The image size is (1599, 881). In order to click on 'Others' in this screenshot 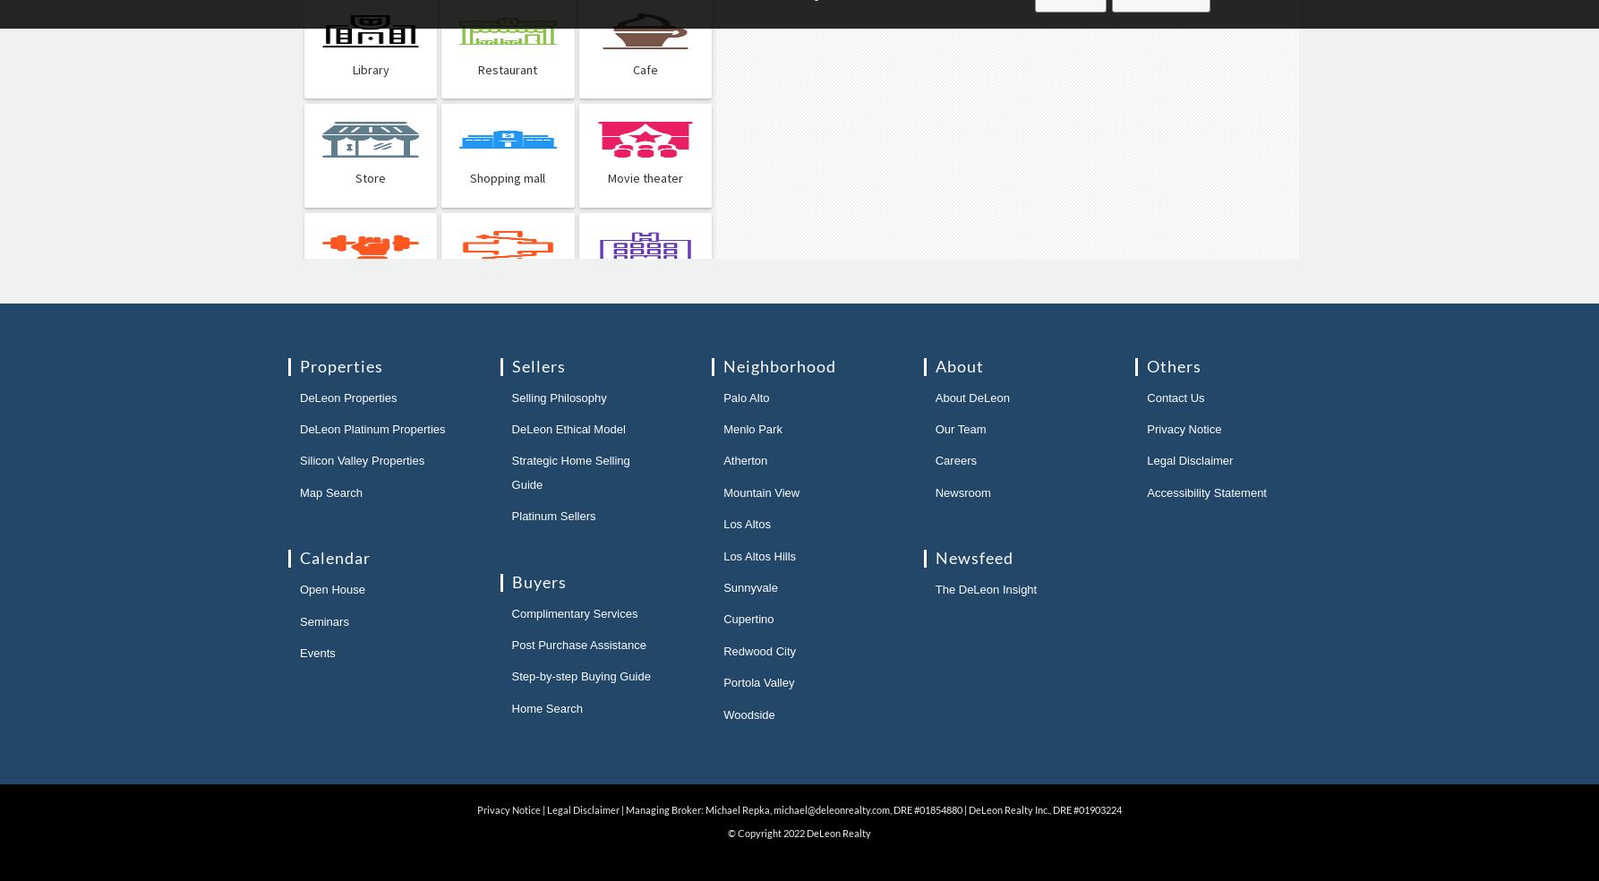, I will do `click(1174, 364)`.